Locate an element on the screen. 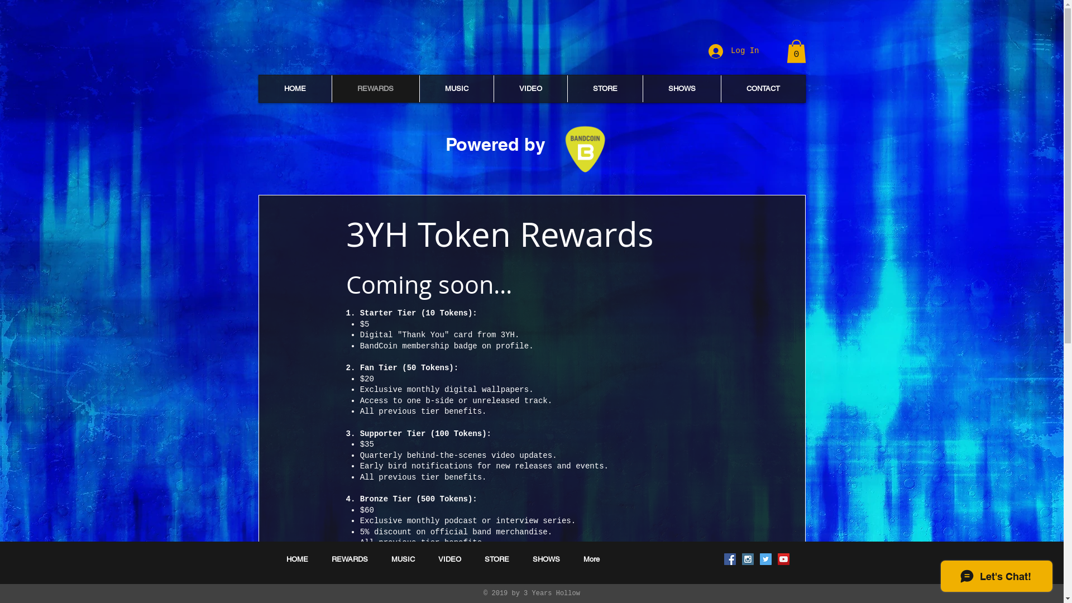 This screenshot has height=603, width=1072. 'MUSIC' is located at coordinates (456, 88).